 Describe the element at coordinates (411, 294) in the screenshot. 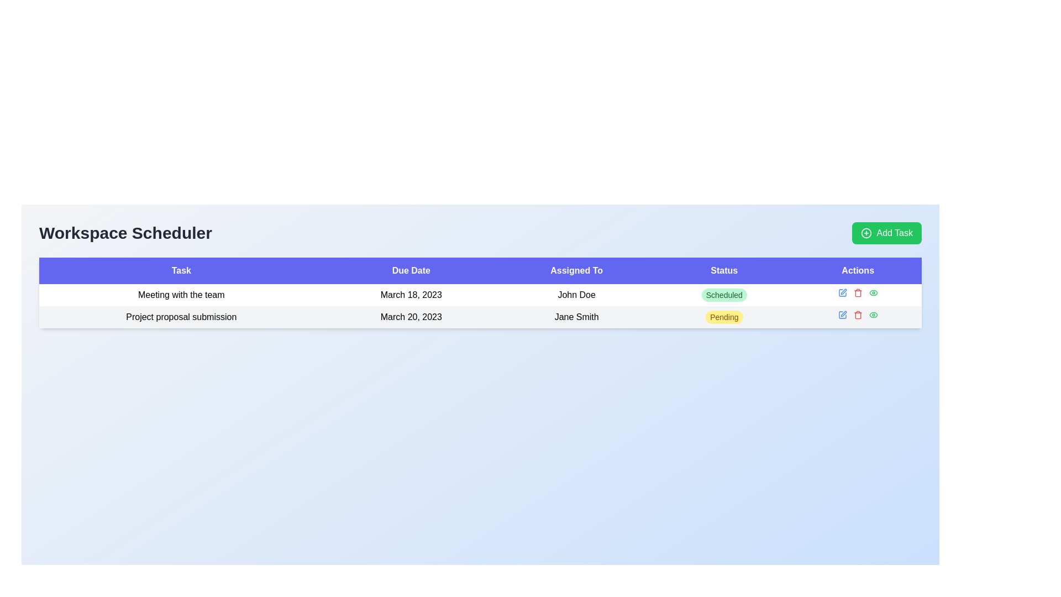

I see `the due date text display element indicating 'March 18, 2023' in the first row of the table under the 'Due Date' column` at that location.